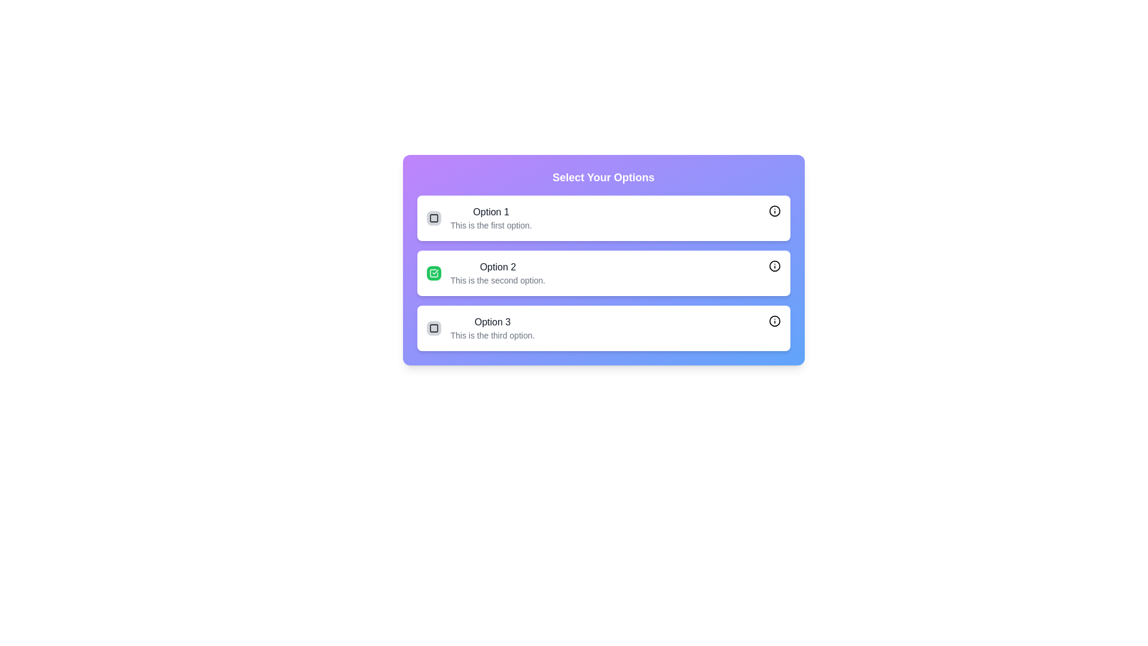 This screenshot has height=646, width=1148. Describe the element at coordinates (492, 328) in the screenshot. I see `the text block displaying 'Option 3'` at that location.